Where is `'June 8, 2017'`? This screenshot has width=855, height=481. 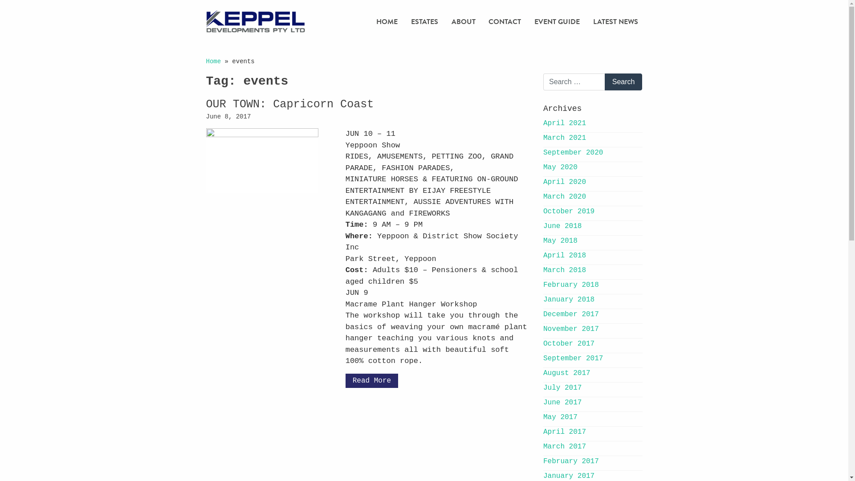 'June 8, 2017' is located at coordinates (228, 116).